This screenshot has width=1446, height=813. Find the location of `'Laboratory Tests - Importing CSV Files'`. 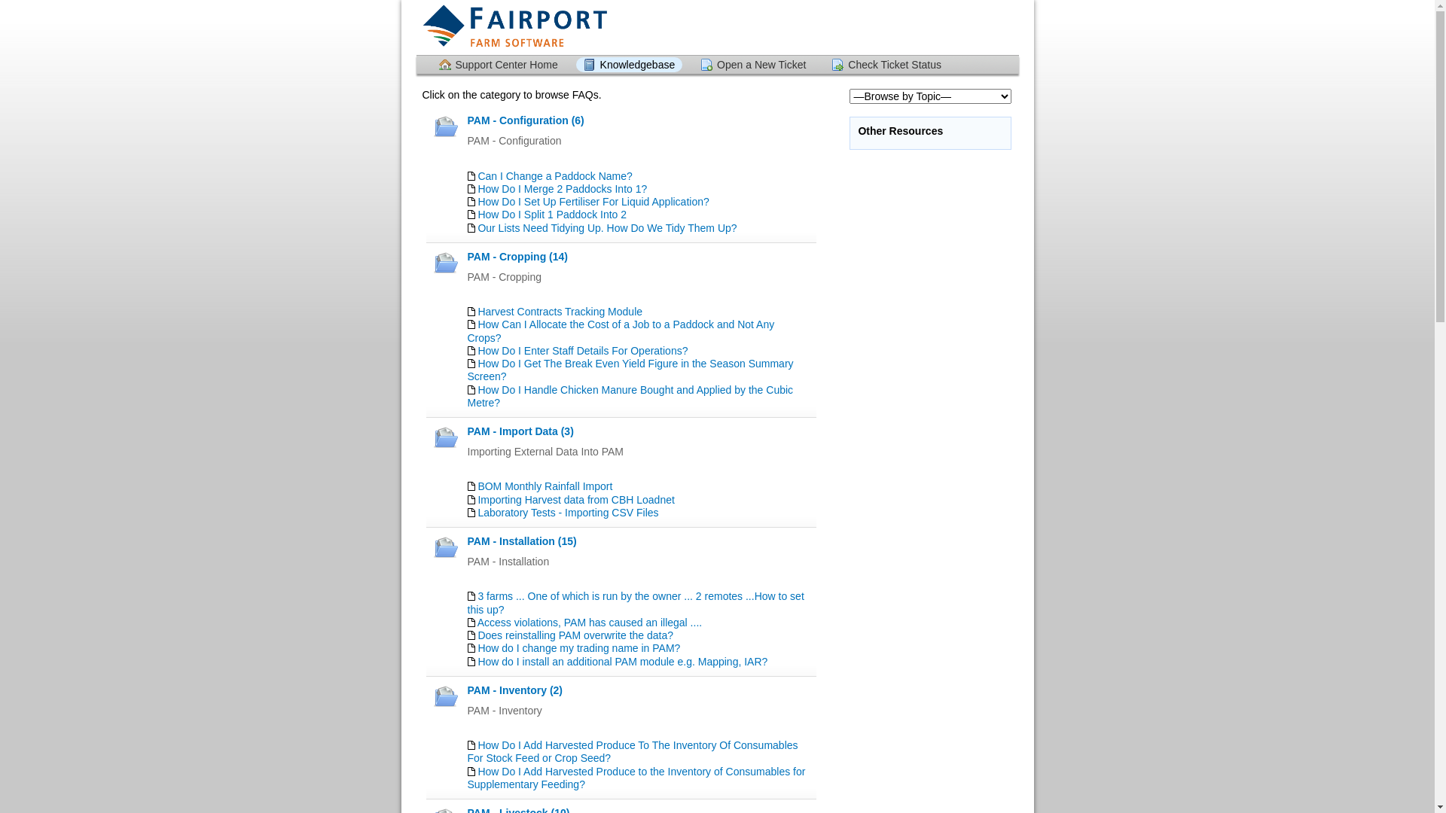

'Laboratory Tests - Importing CSV Files' is located at coordinates (566, 512).